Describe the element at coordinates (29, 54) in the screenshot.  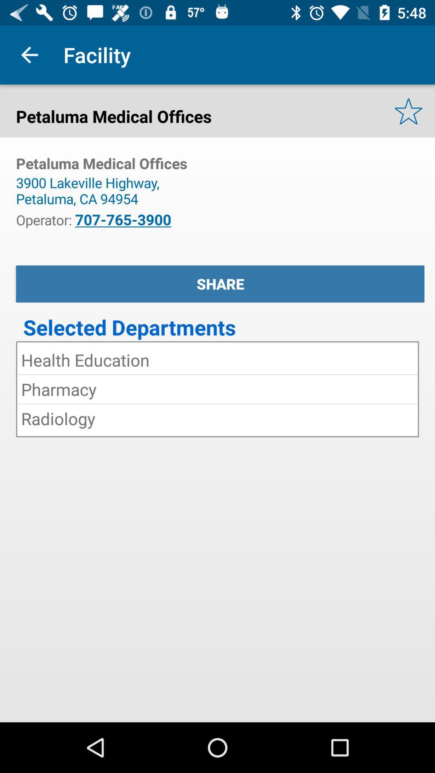
I see `item above petaluma medical offices item` at that location.